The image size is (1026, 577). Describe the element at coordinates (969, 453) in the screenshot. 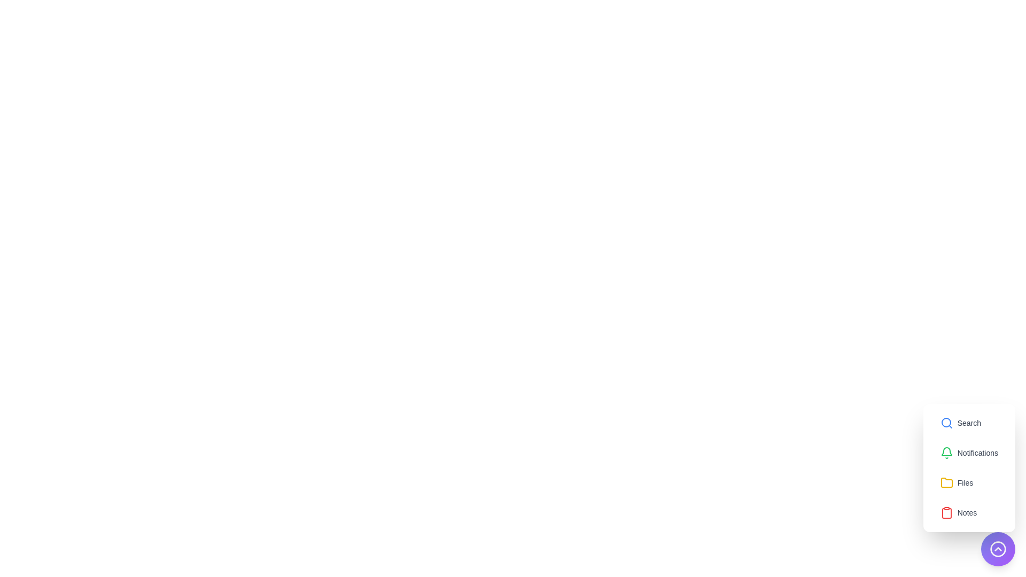

I see `the menu item labeled Notifications to reveal its hover effect` at that location.